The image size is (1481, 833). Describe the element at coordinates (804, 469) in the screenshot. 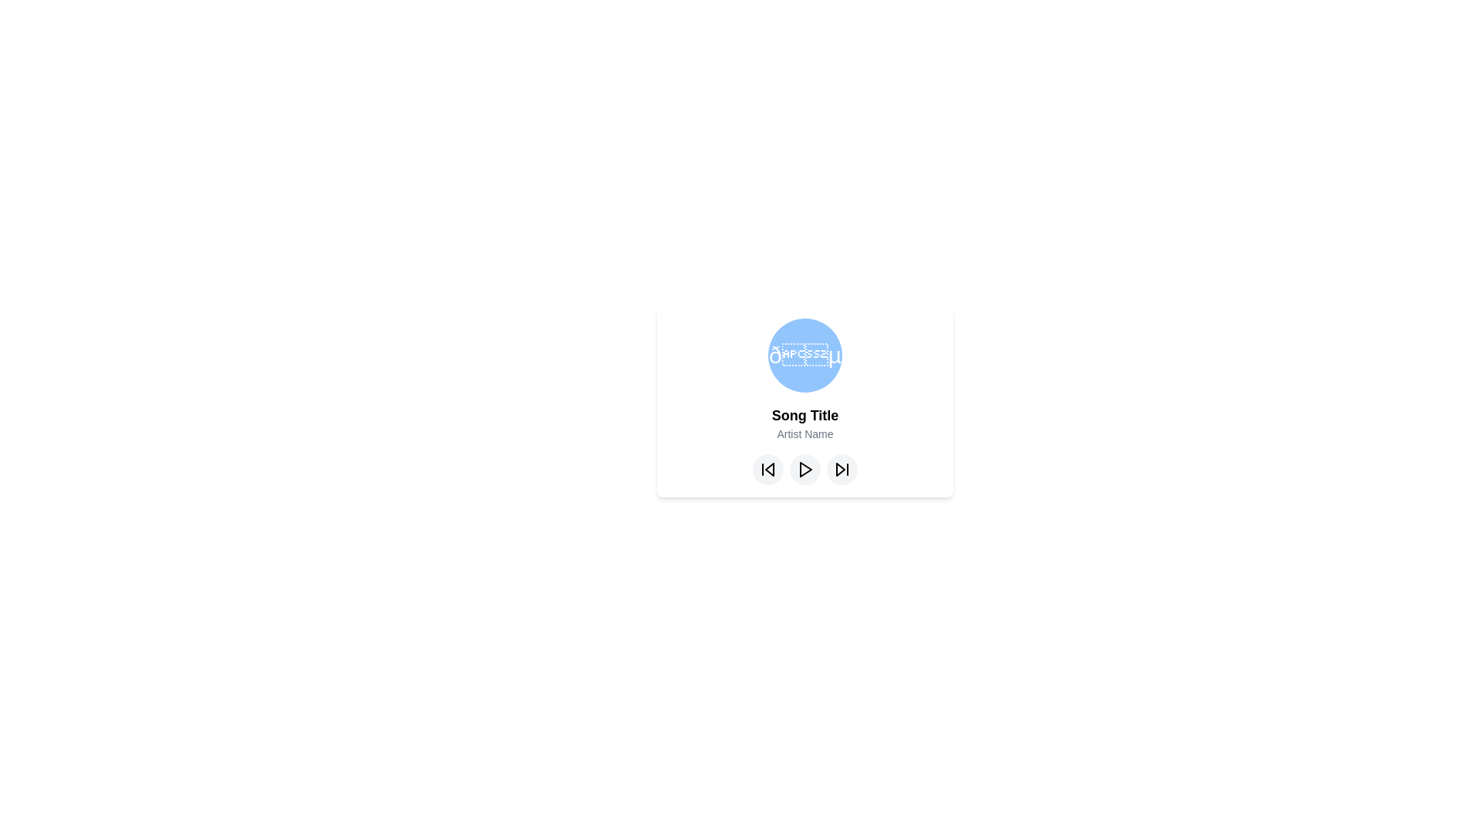

I see `the central arrow-like icon button that points to the right, which is part of the navigation controls below the album artwork and song information` at that location.